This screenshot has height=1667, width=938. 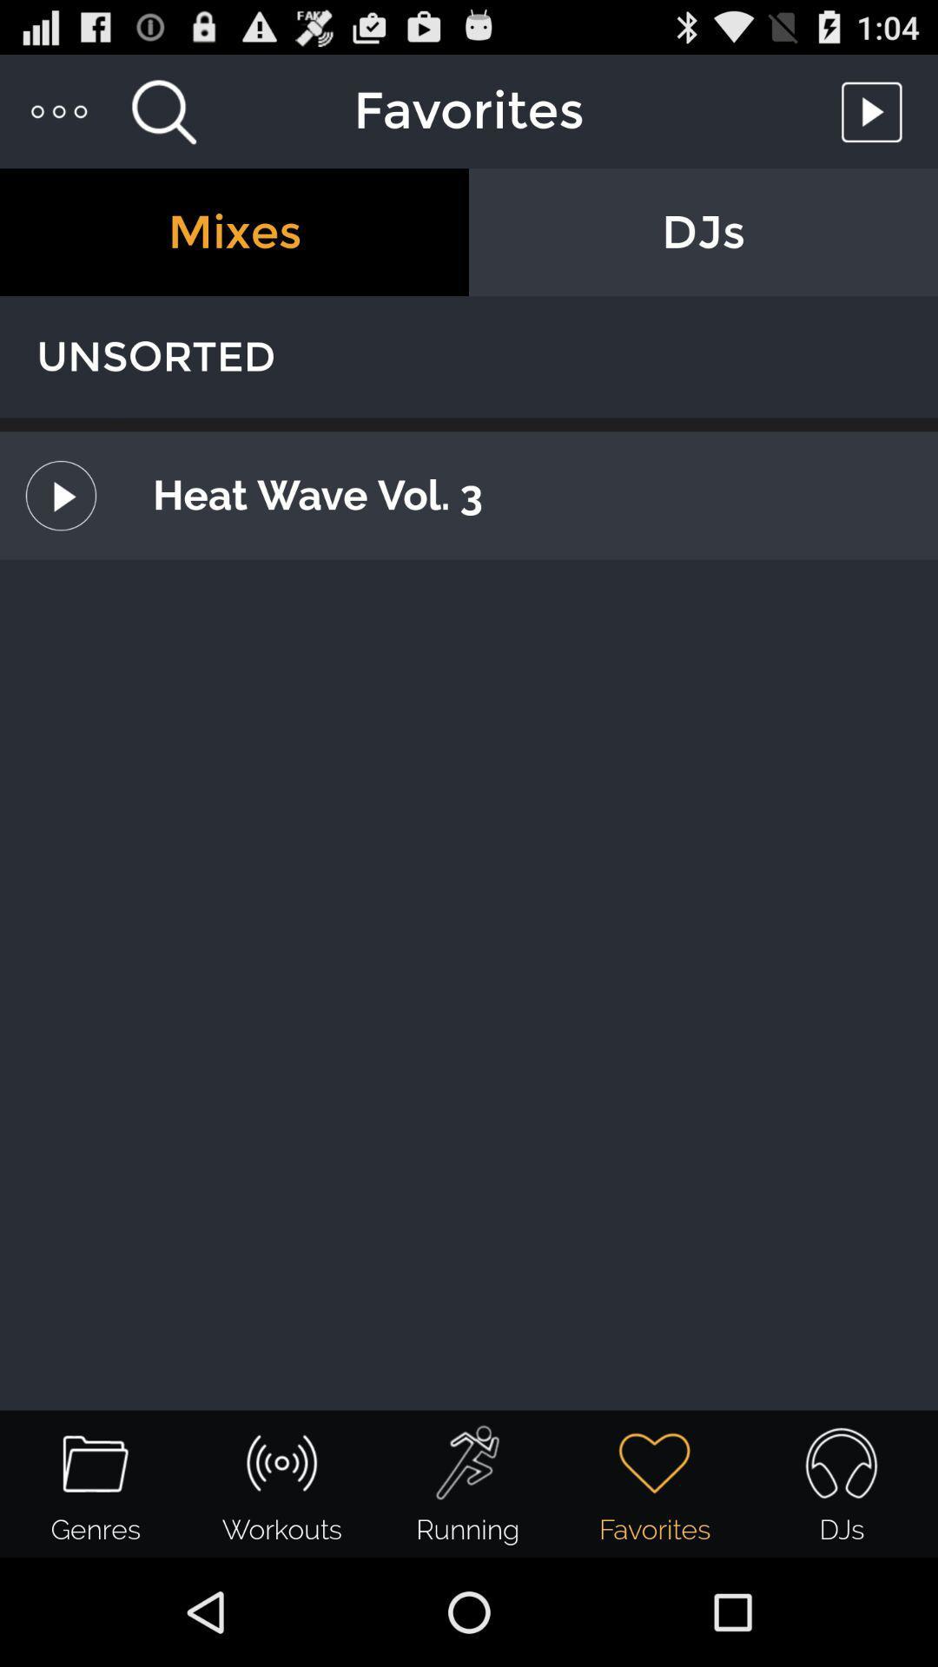 I want to click on toggle, so click(x=876, y=110).